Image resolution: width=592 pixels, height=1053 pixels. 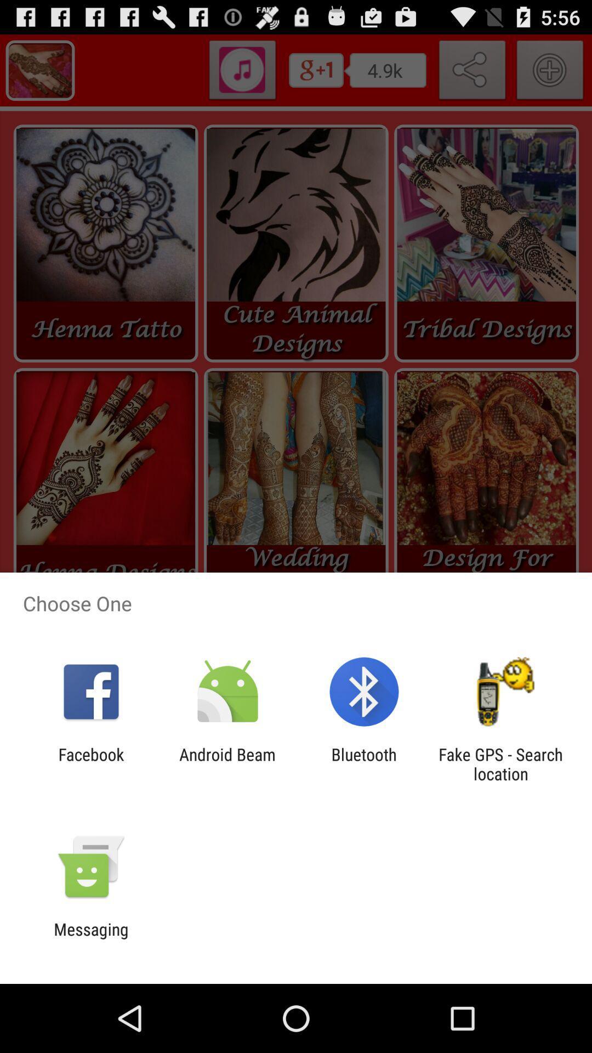 What do you see at coordinates (364, 763) in the screenshot?
I see `icon next to fake gps search app` at bounding box center [364, 763].